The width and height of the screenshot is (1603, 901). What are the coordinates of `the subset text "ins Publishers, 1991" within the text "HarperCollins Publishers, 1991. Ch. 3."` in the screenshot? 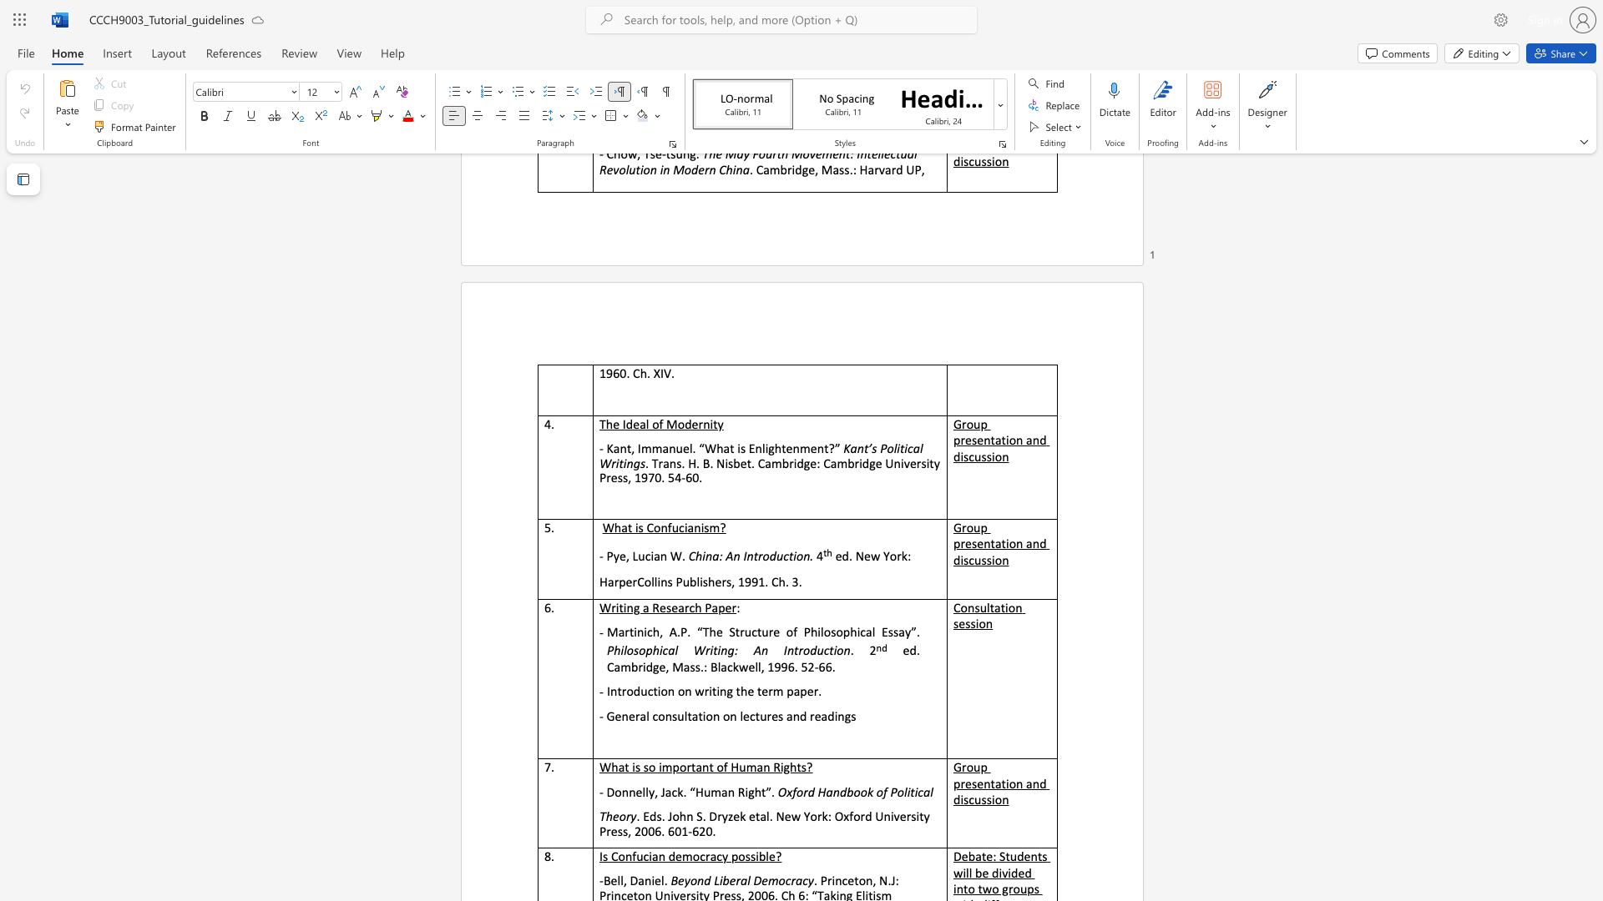 It's located at (656, 581).